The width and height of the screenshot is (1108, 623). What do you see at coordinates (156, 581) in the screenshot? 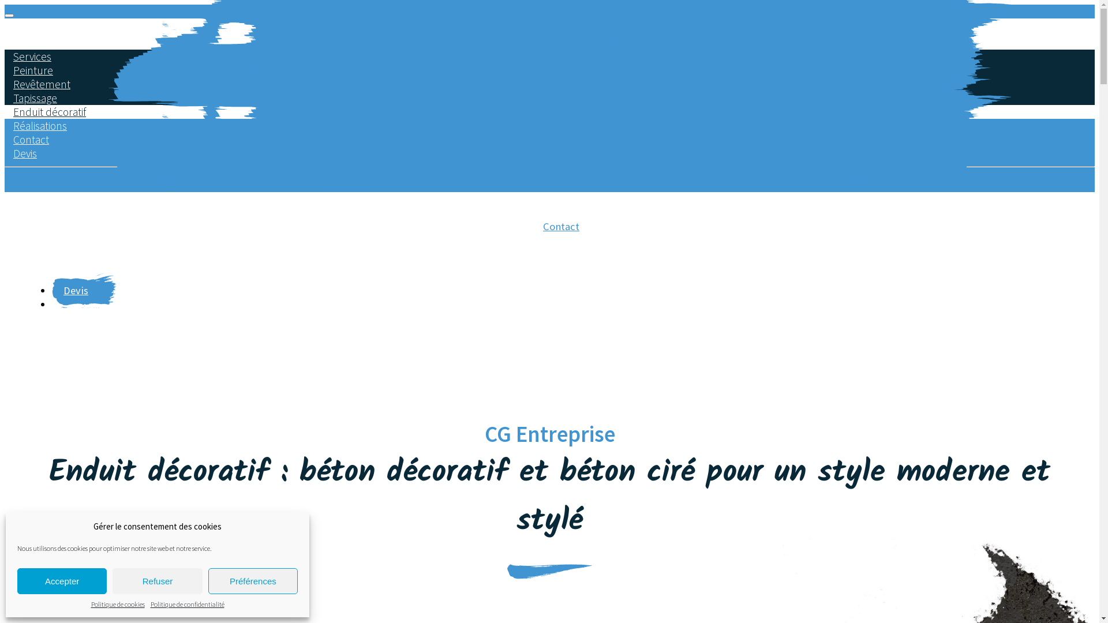
I see `'Refuser'` at bounding box center [156, 581].